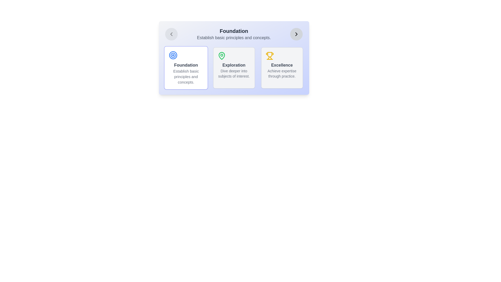 Image resolution: width=501 pixels, height=282 pixels. Describe the element at coordinates (234, 67) in the screenshot. I see `the central informational card, which is the second card in a set of three` at that location.